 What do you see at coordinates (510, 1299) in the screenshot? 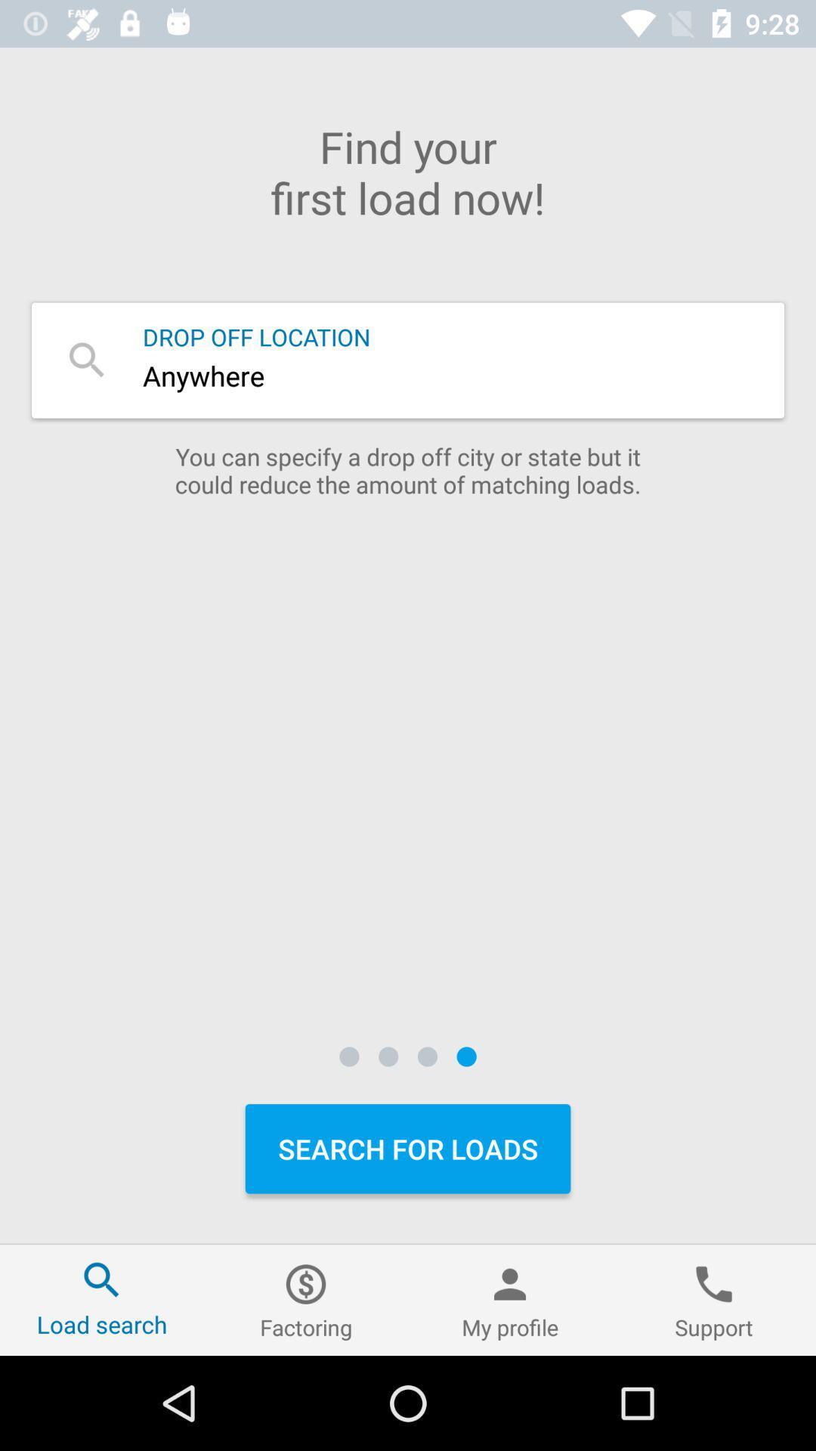
I see `the item to the left of the support` at bounding box center [510, 1299].